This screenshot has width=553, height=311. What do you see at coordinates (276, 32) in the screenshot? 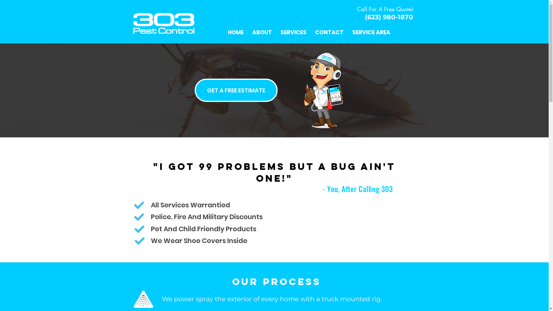
I see `'SERVICES'` at bounding box center [276, 32].